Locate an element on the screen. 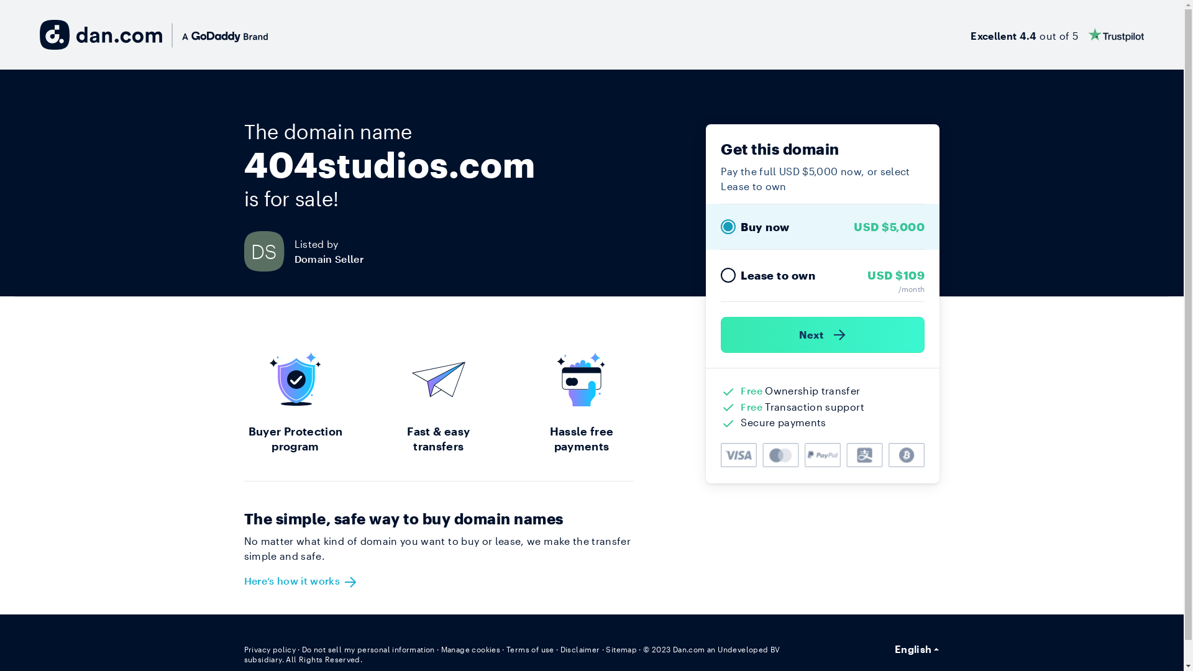  'Privacy policy' is located at coordinates (268, 649).